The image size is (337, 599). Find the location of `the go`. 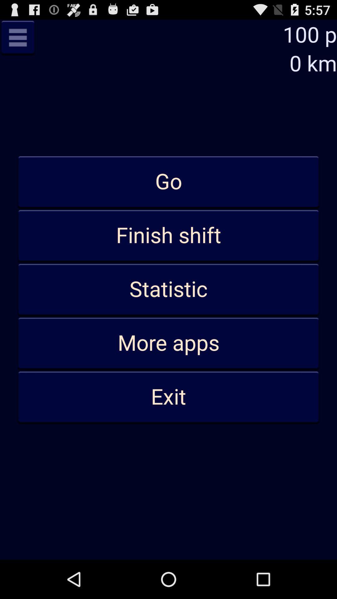

the go is located at coordinates (168, 182).